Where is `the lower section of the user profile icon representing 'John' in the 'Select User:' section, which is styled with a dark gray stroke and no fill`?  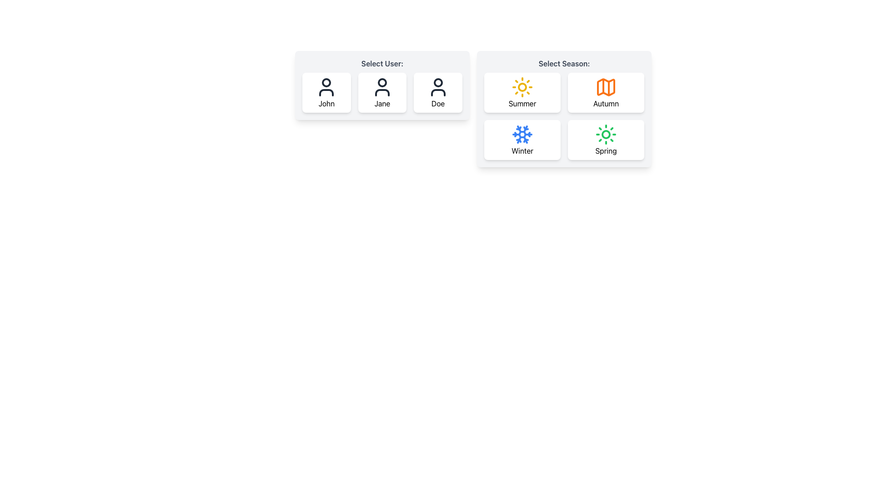
the lower section of the user profile icon representing 'John' in the 'Select User:' section, which is styled with a dark gray stroke and no fill is located at coordinates (326, 93).